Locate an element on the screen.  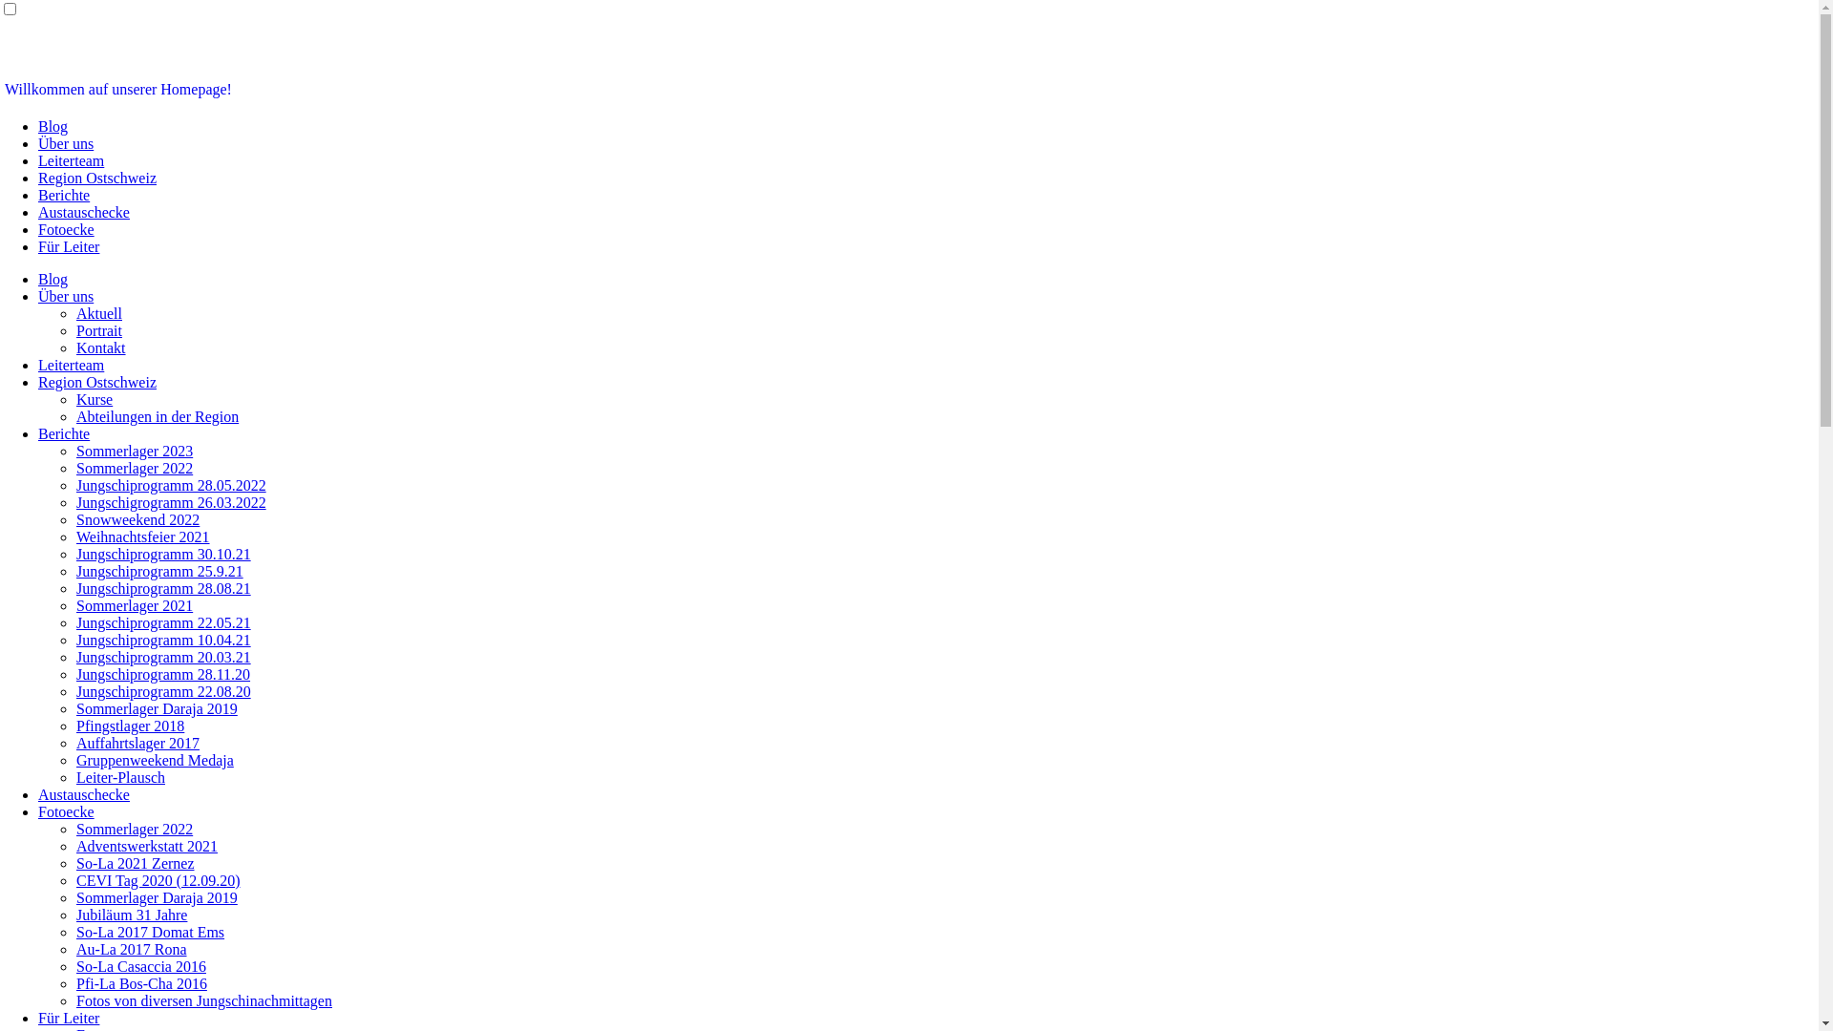
'Willkommen auf unserer Homepage!' is located at coordinates (4, 89).